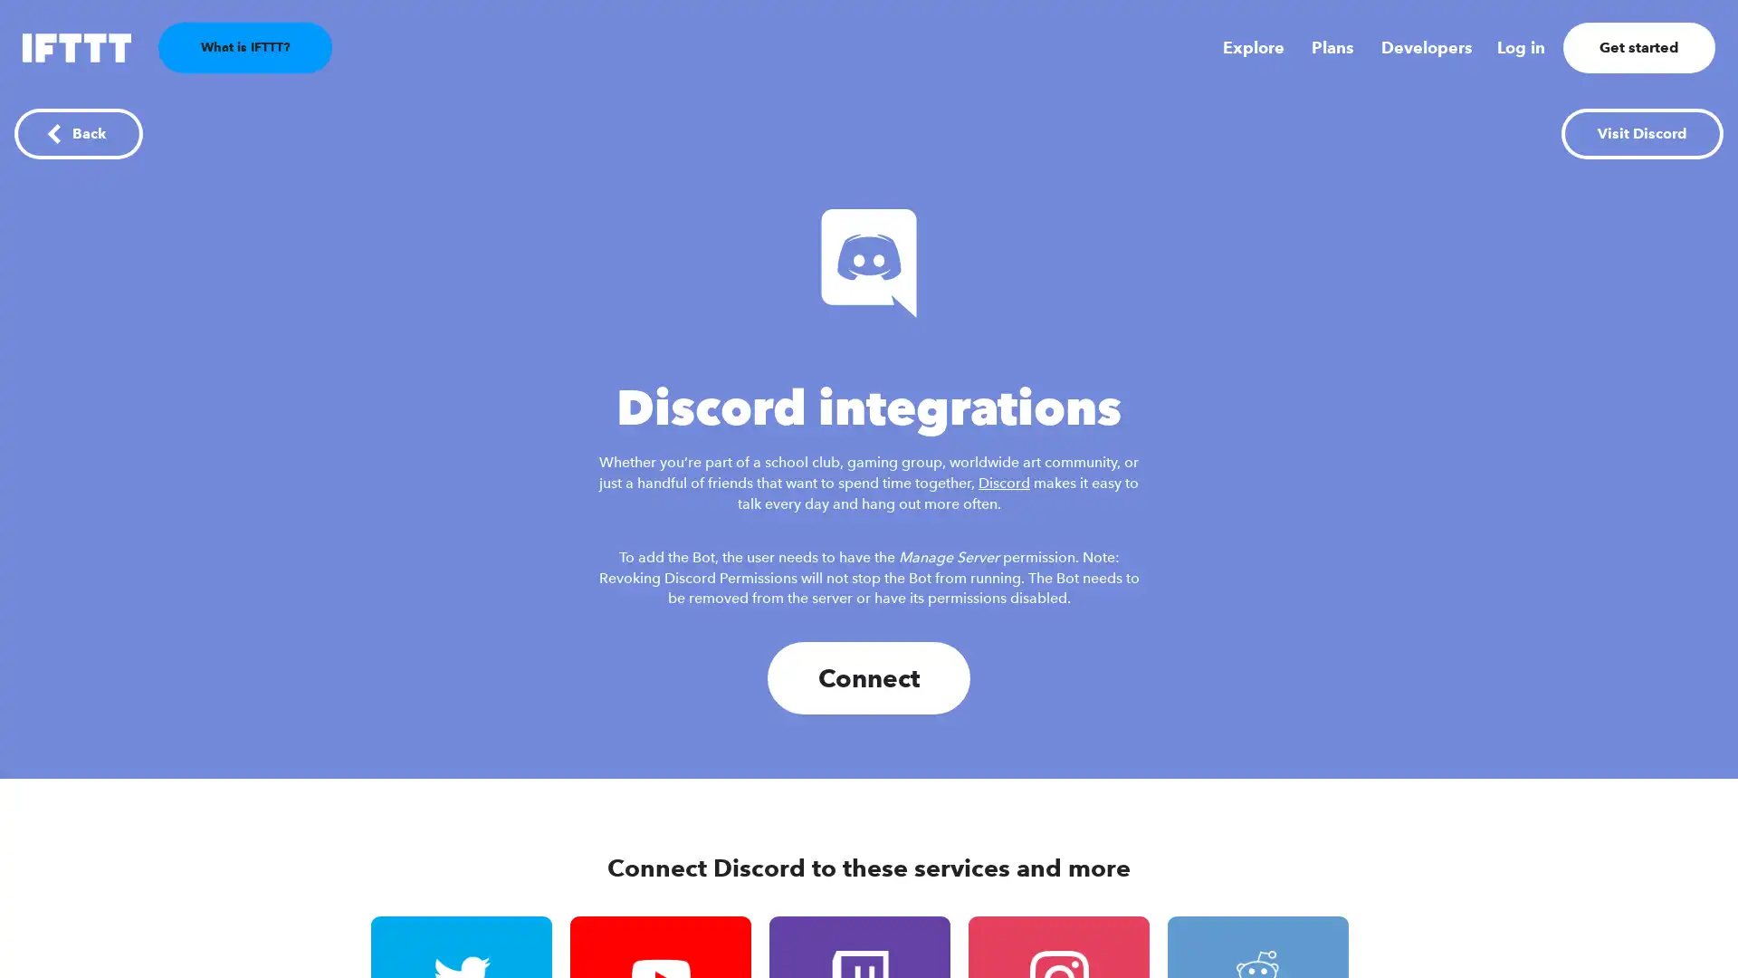 This screenshot has height=978, width=1738. I want to click on Back, so click(77, 132).